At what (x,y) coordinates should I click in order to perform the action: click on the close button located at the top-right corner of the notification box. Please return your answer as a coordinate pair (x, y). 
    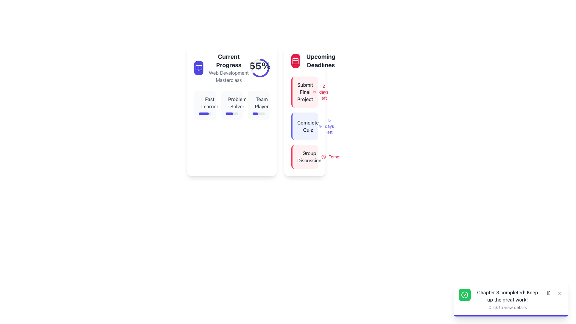
    Looking at the image, I should click on (559, 292).